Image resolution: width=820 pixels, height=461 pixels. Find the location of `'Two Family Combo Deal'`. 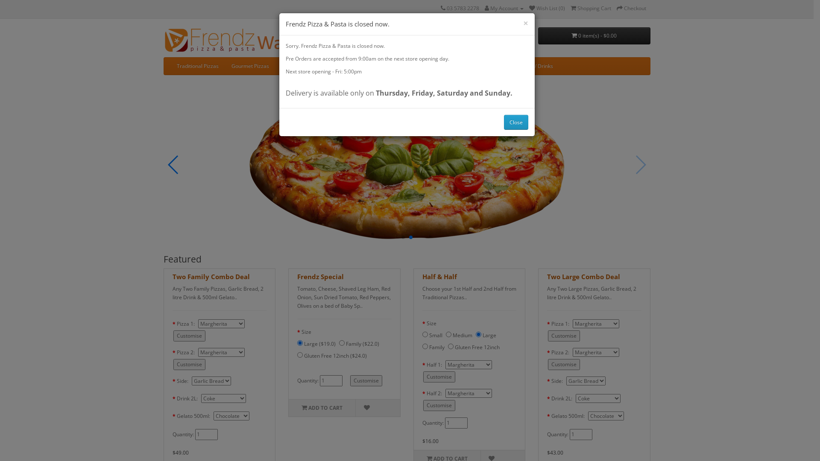

'Two Family Combo Deal' is located at coordinates (211, 277).